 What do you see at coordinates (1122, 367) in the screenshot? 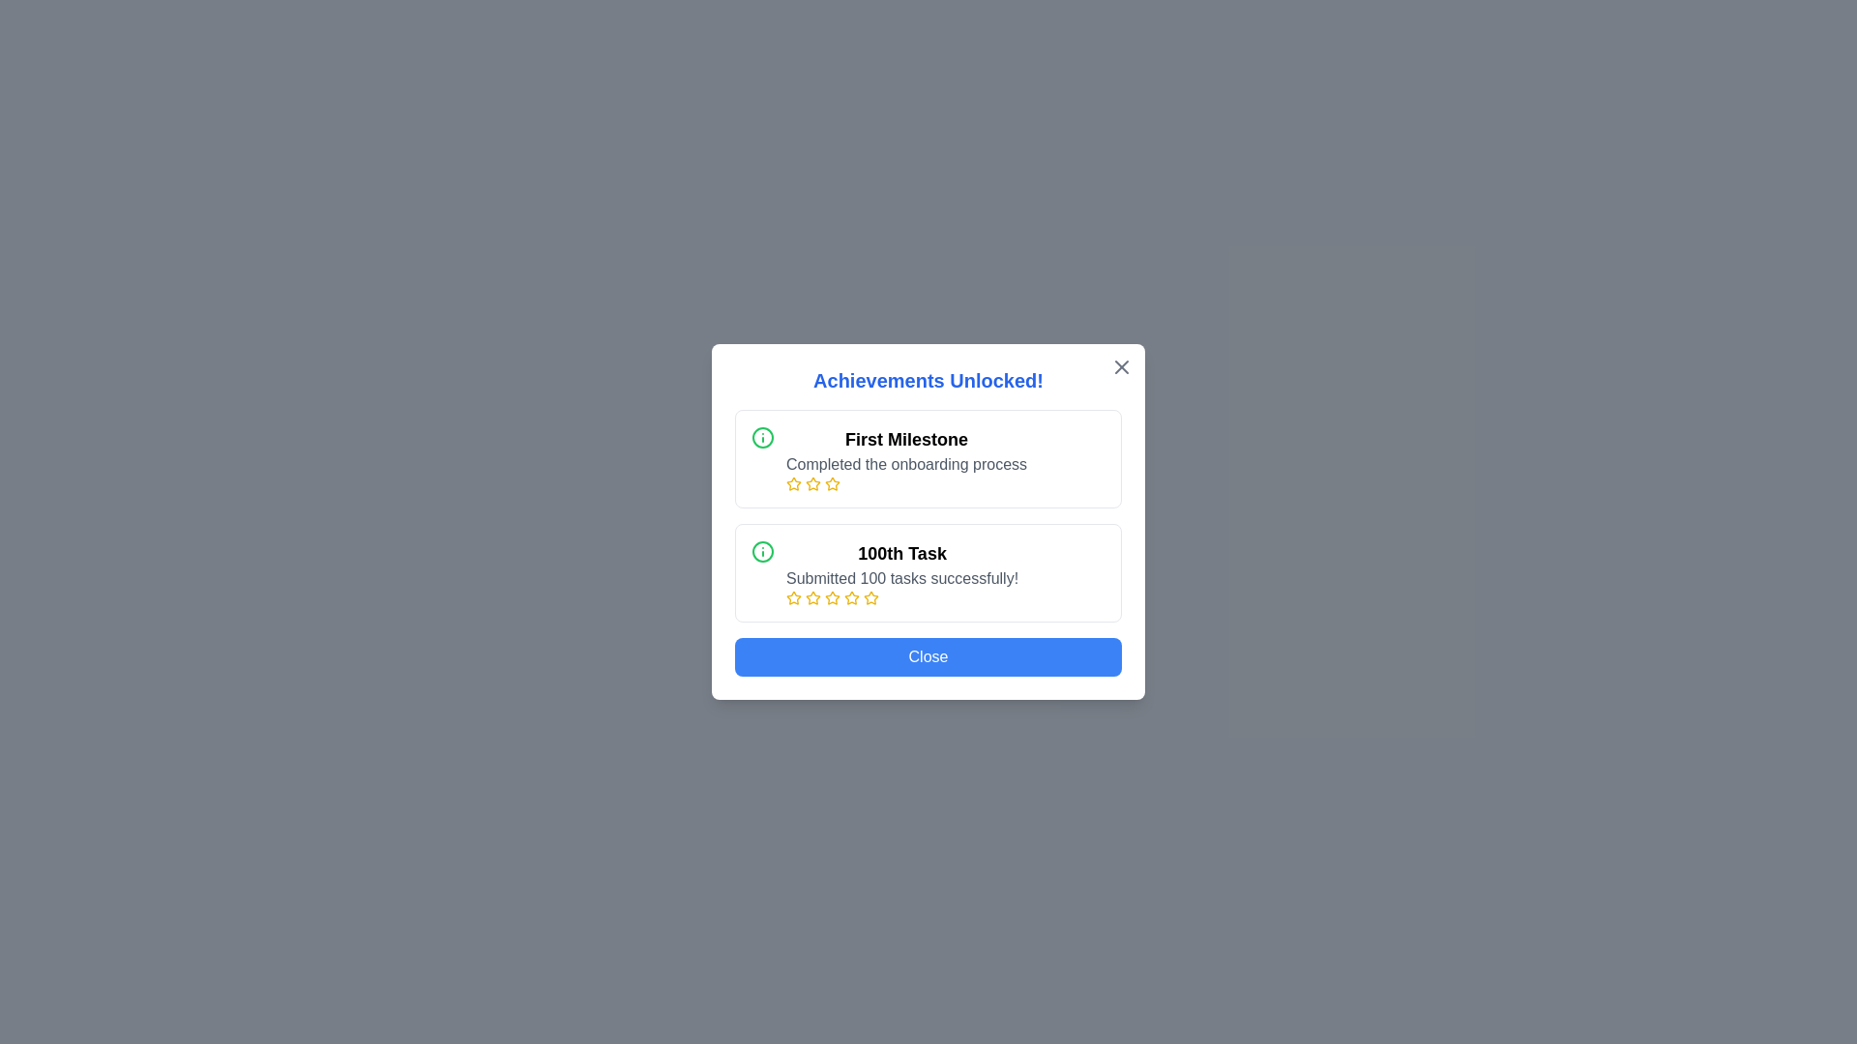
I see `the Close button located at the top-right corner of the dialog box` at bounding box center [1122, 367].